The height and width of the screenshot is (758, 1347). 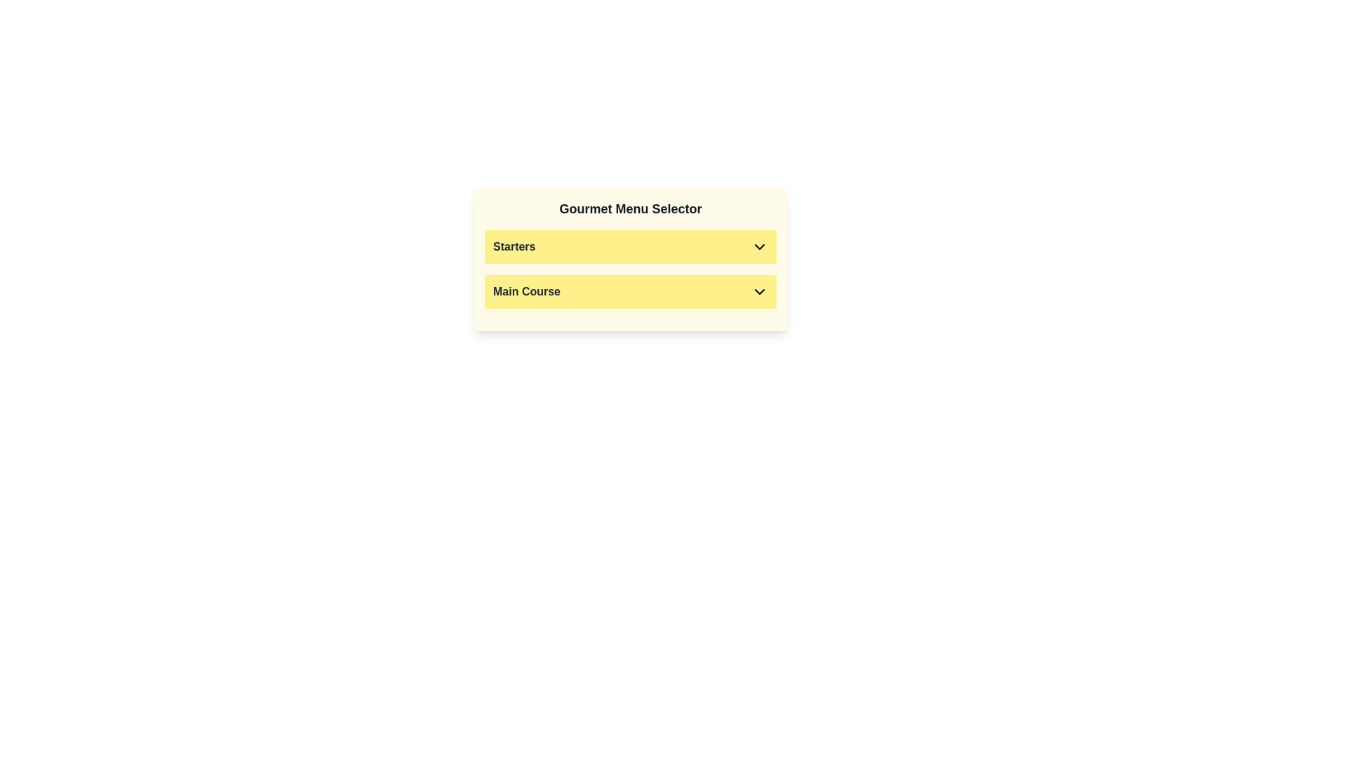 What do you see at coordinates (759, 246) in the screenshot?
I see `the chevron-down icon located on the far right side of the yellow dropdown labeled 'Starters' in the 'Gourmet Menu Selector' interface` at bounding box center [759, 246].